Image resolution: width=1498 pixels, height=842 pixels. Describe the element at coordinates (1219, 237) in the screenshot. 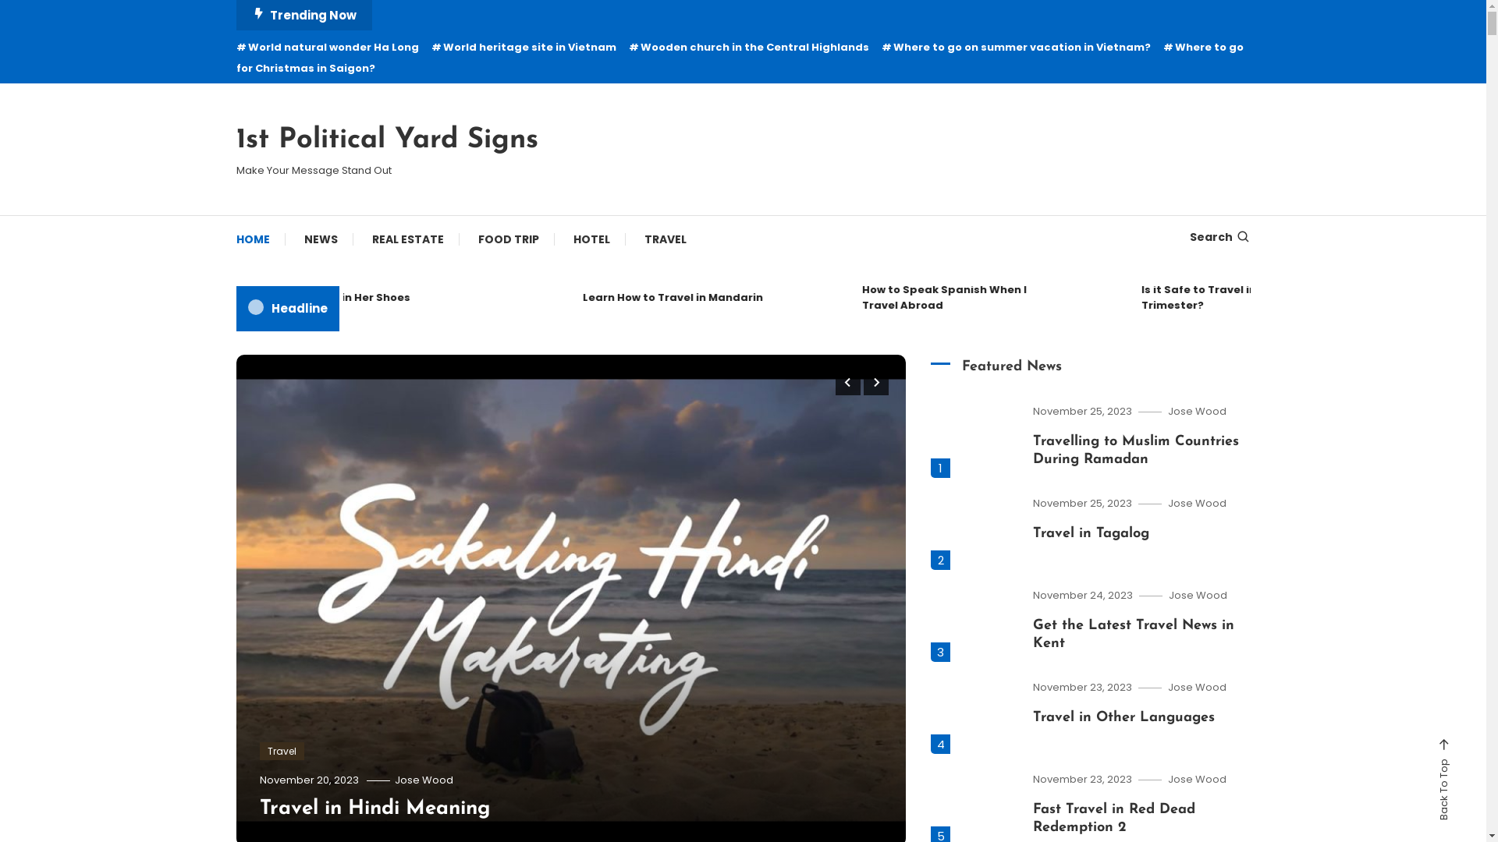

I see `'Search'` at that location.